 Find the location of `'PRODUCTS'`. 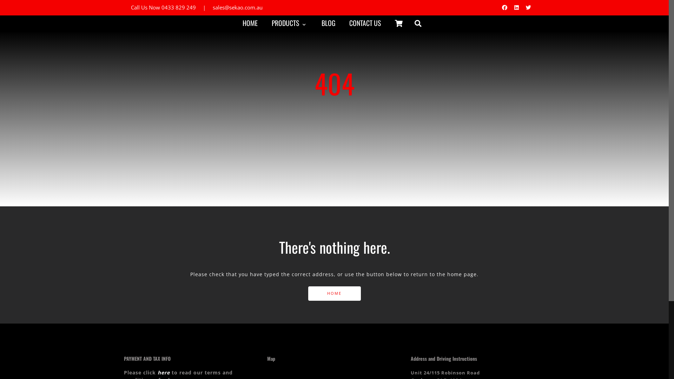

'PRODUCTS' is located at coordinates (289, 22).